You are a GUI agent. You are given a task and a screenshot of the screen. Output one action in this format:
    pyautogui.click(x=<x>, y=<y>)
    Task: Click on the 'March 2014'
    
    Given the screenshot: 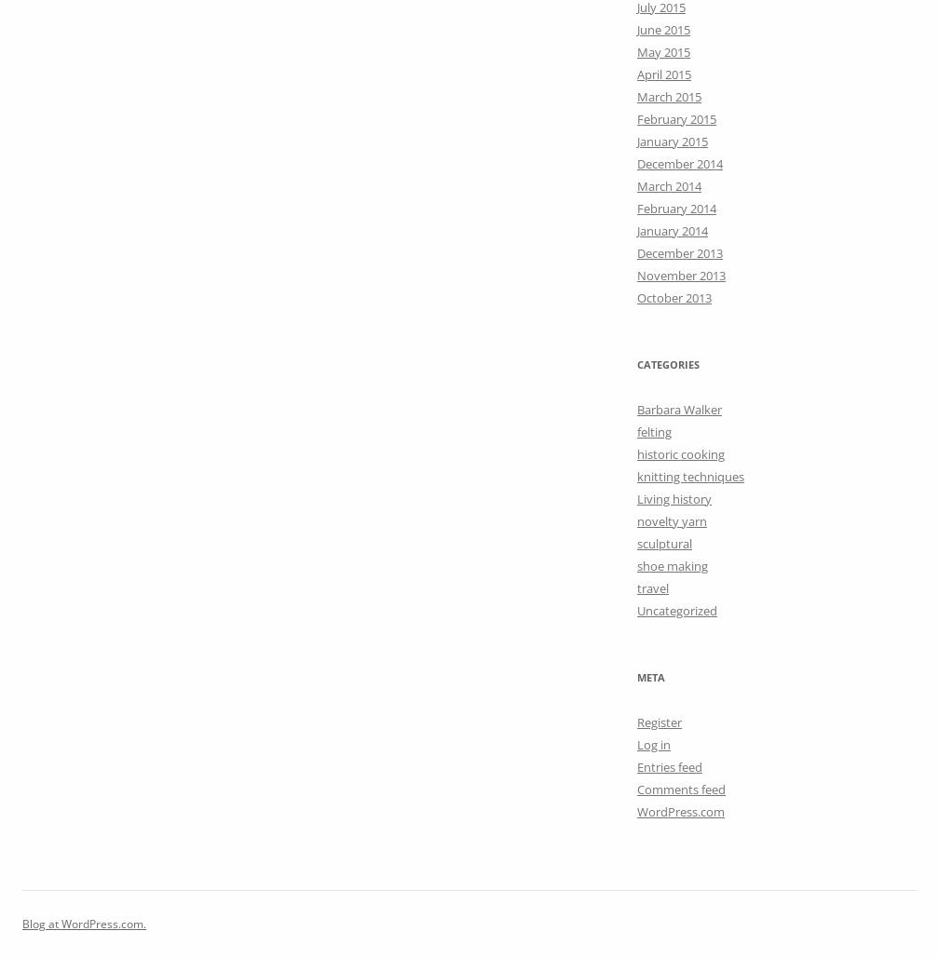 What is the action you would take?
    pyautogui.click(x=669, y=185)
    